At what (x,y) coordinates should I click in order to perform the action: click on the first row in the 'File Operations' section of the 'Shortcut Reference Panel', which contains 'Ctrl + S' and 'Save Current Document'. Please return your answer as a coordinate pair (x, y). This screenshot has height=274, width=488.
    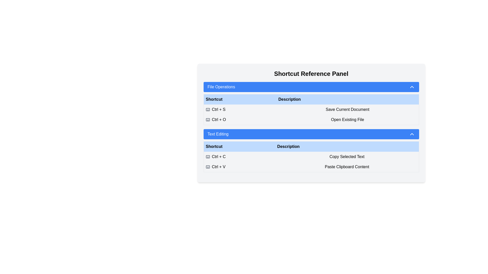
    Looking at the image, I should click on (311, 109).